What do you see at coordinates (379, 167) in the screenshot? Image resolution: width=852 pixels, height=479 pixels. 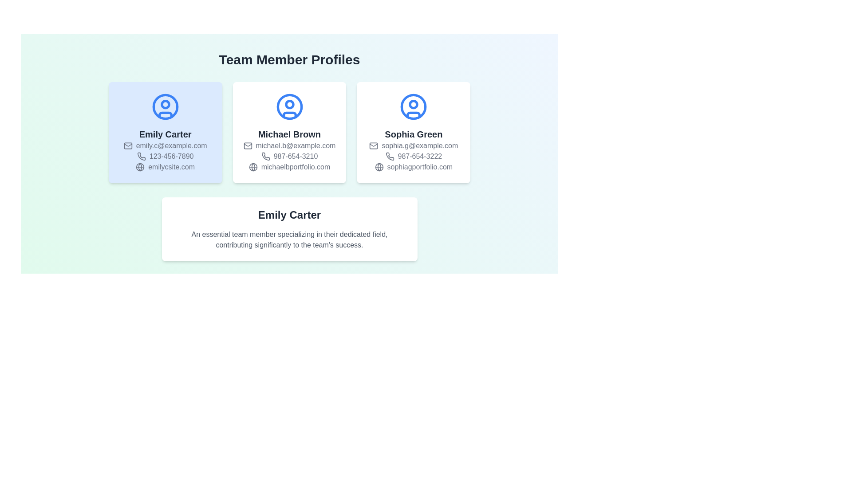 I see `the icon representing the web link 'sophiagportfolio.com' located in the 'Sophia Green' profile card on the bottom part, to the right of the associated text` at bounding box center [379, 167].